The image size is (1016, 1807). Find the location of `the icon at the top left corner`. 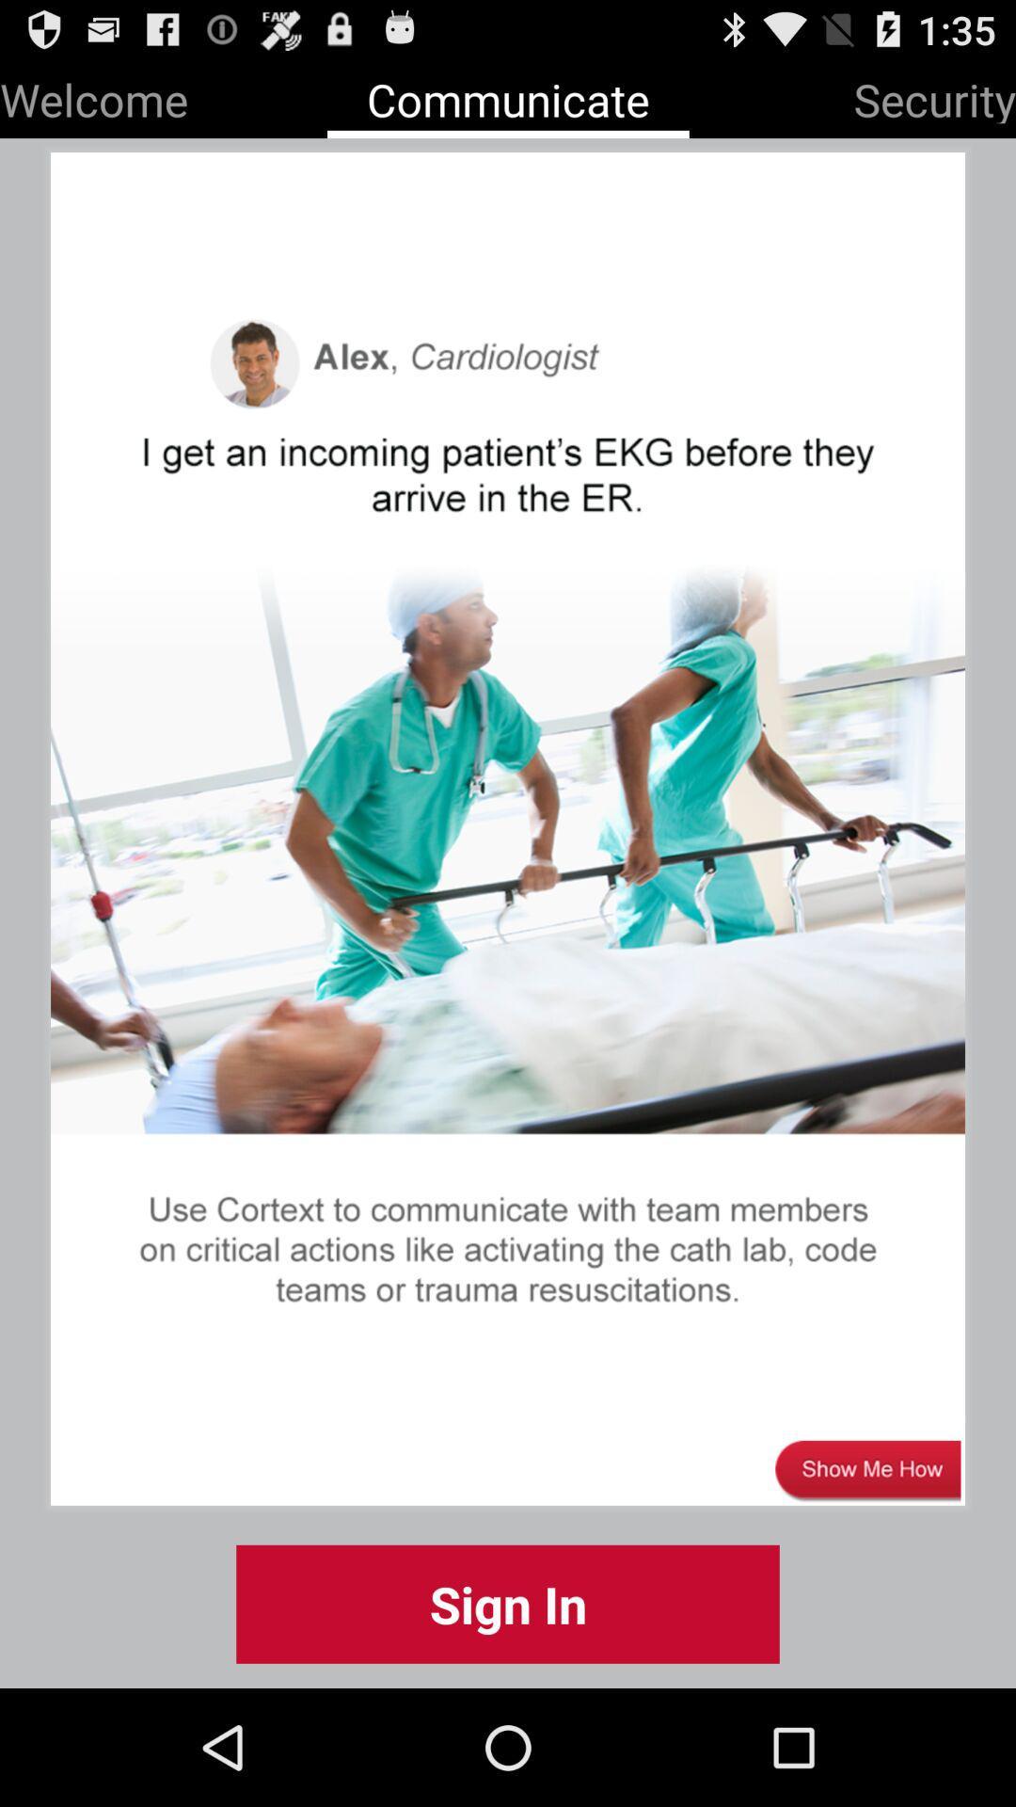

the icon at the top left corner is located at coordinates (94, 95).